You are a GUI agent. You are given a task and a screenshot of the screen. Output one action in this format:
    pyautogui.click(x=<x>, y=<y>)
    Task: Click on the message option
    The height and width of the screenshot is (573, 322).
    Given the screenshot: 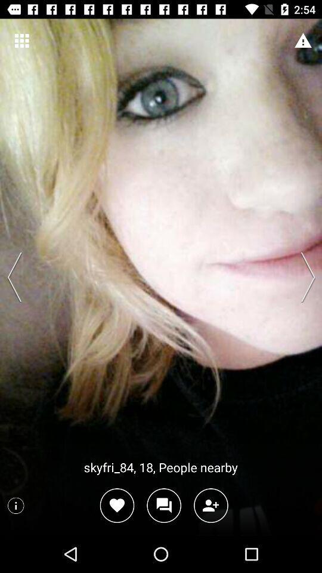 What is the action you would take?
    pyautogui.click(x=163, y=505)
    